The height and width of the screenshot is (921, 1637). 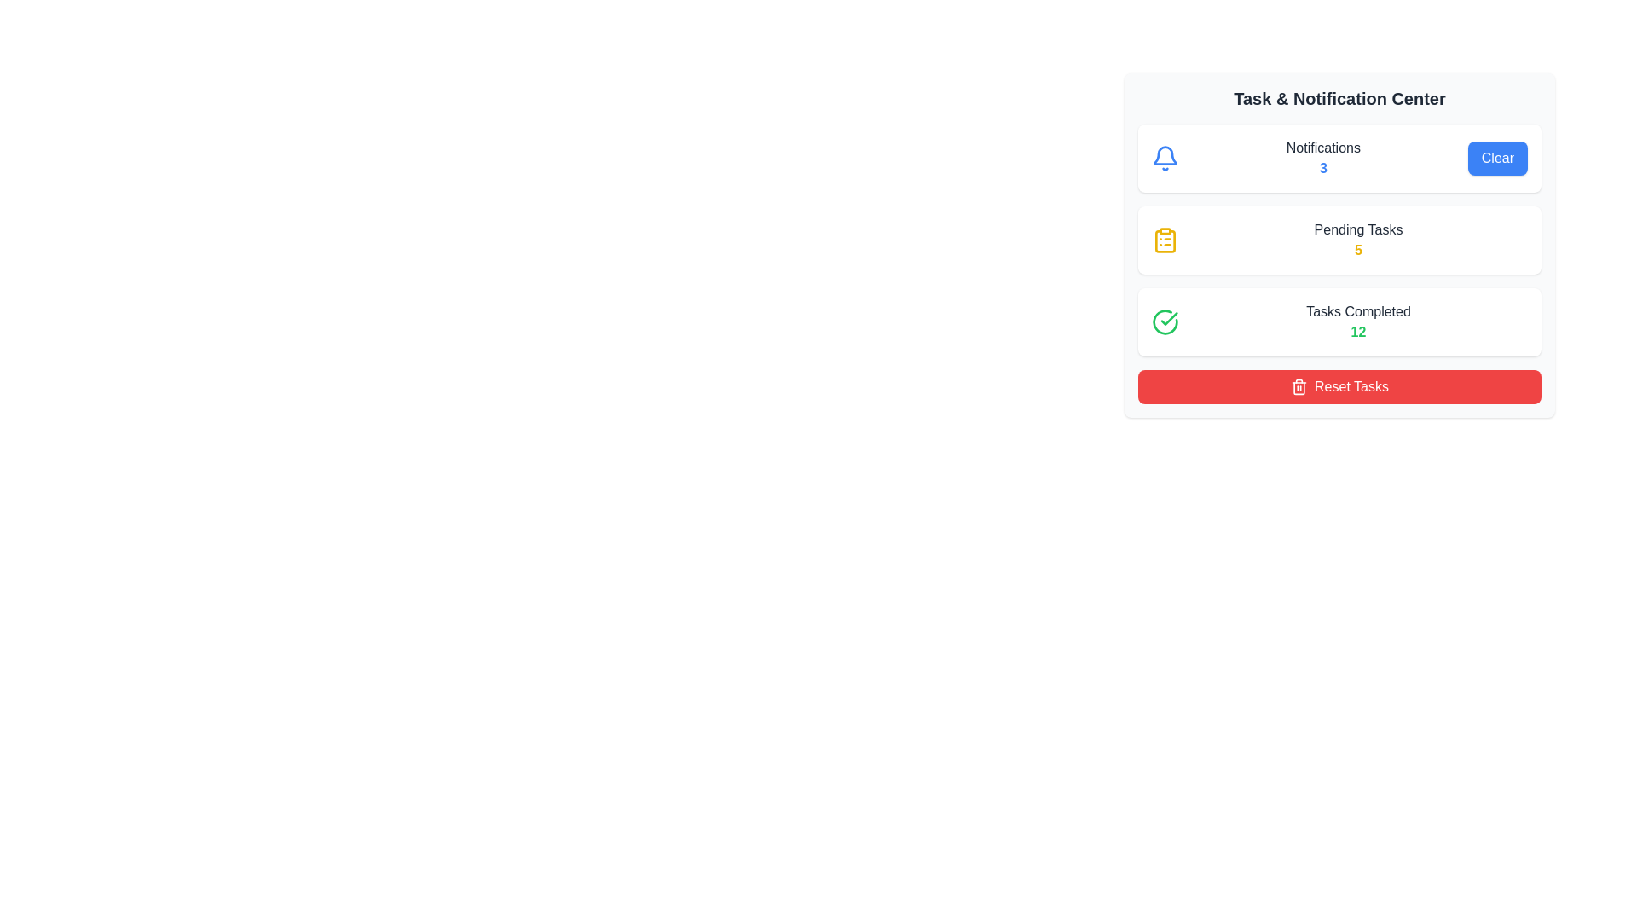 I want to click on the leftmost icon in the 'Notifications' section of the 'Task & Notification Center' card, which serves as a visual cue for notifications, so click(x=1165, y=158).